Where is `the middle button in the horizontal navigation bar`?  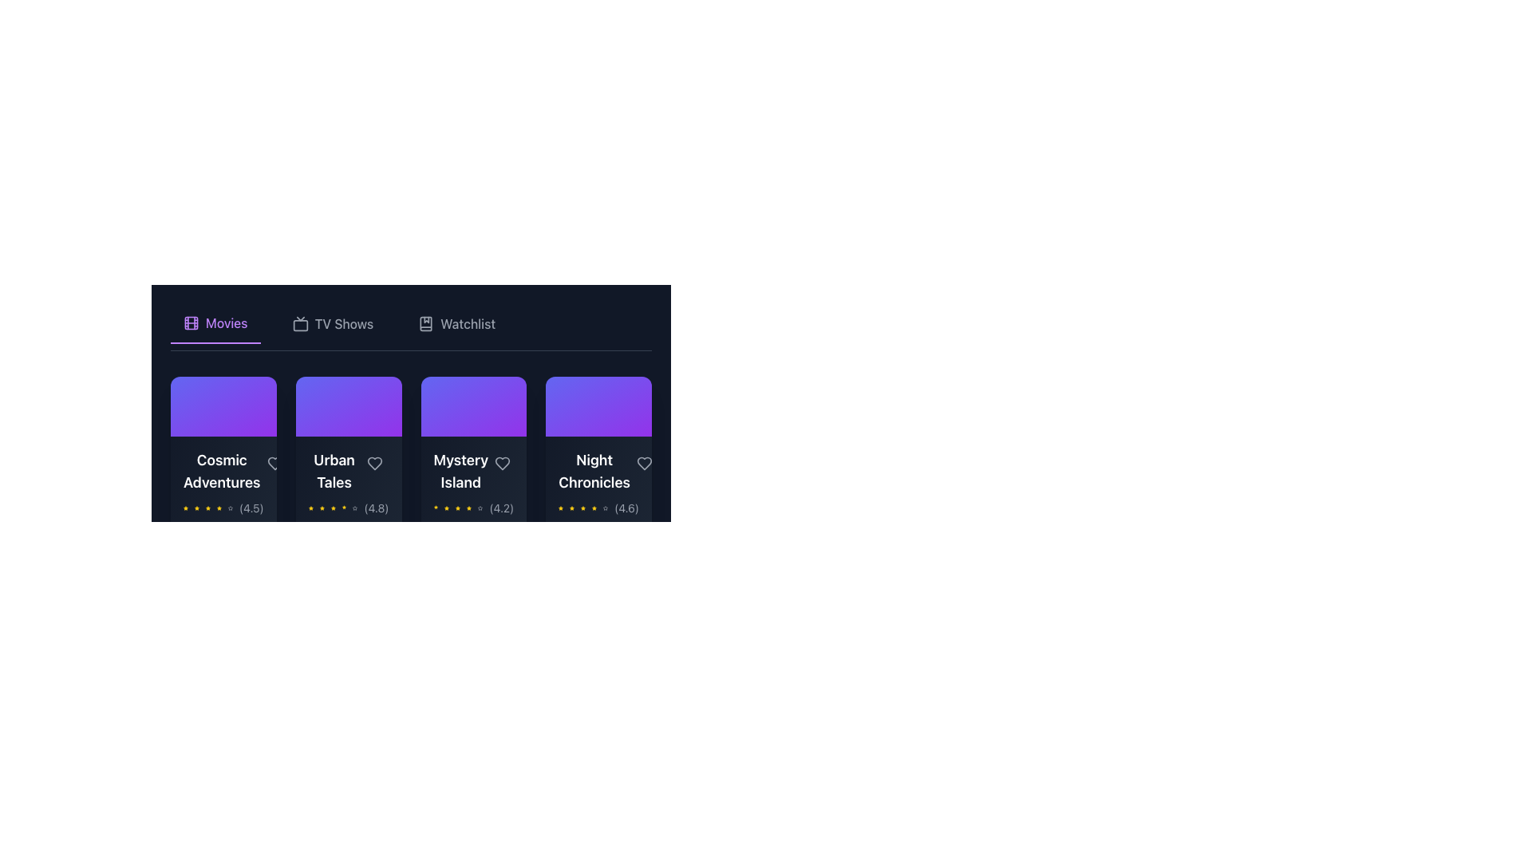 the middle button in the horizontal navigation bar is located at coordinates (332, 323).